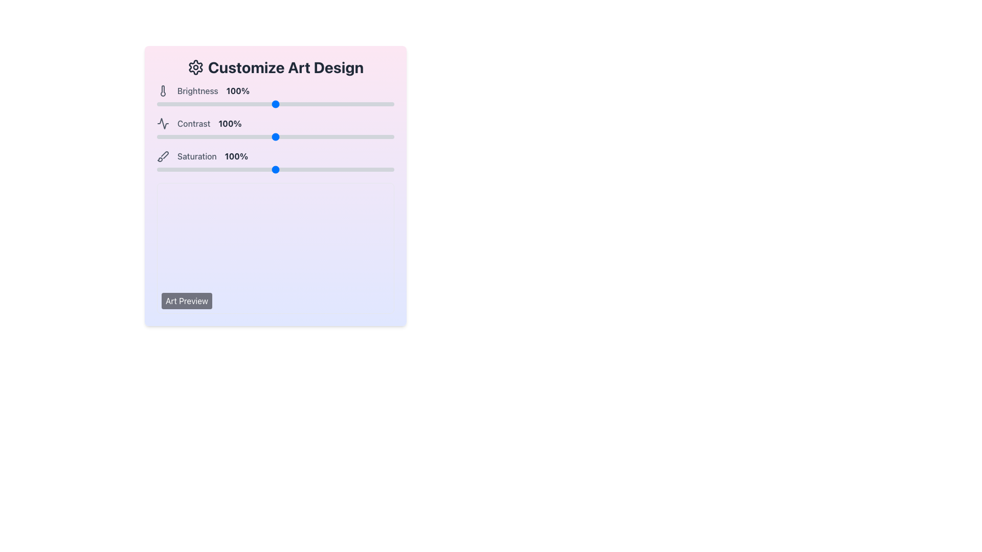 The width and height of the screenshot is (982, 552). What do you see at coordinates (162, 123) in the screenshot?
I see `the waveform activity graph icon located to the left of the 'Contrast' label in the 'Customize Art Design' panel` at bounding box center [162, 123].